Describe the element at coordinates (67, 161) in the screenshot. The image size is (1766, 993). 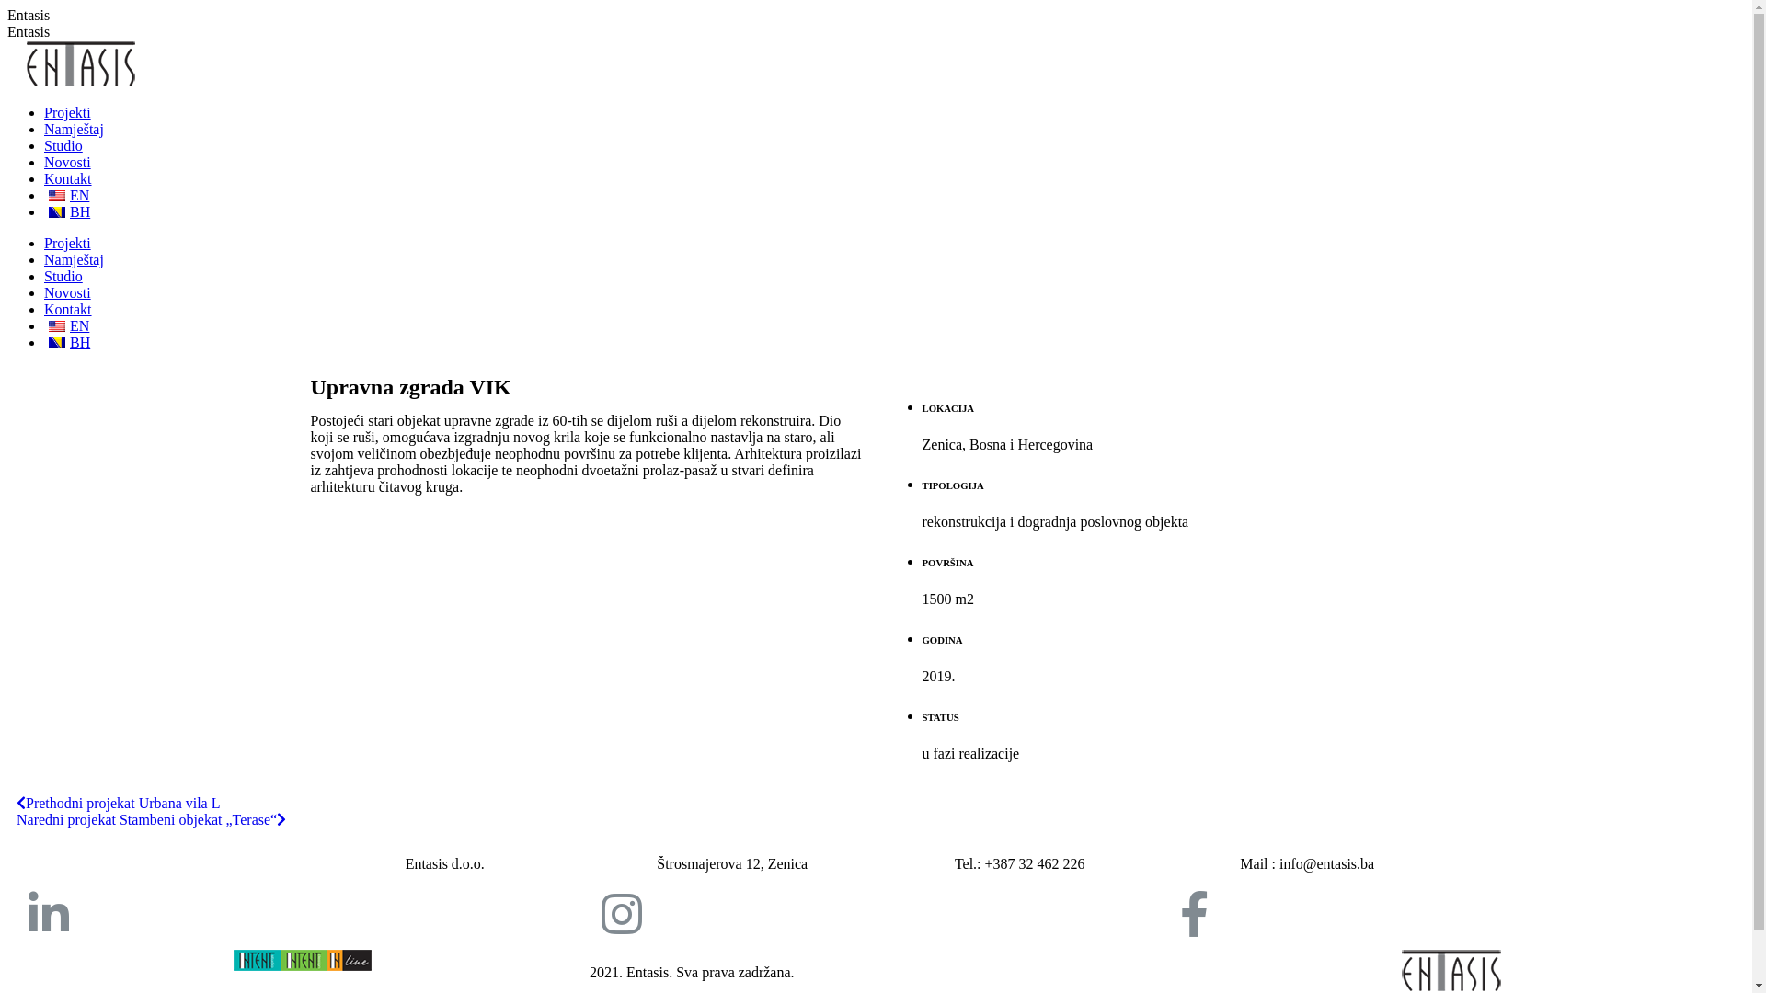
I see `'Novosti'` at that location.